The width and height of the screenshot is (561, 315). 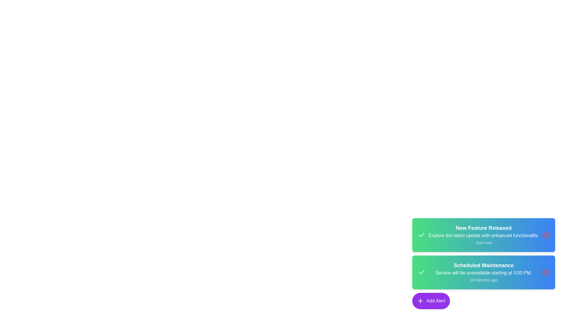 What do you see at coordinates (545, 235) in the screenshot?
I see `close button of the alert to dismiss it` at bounding box center [545, 235].